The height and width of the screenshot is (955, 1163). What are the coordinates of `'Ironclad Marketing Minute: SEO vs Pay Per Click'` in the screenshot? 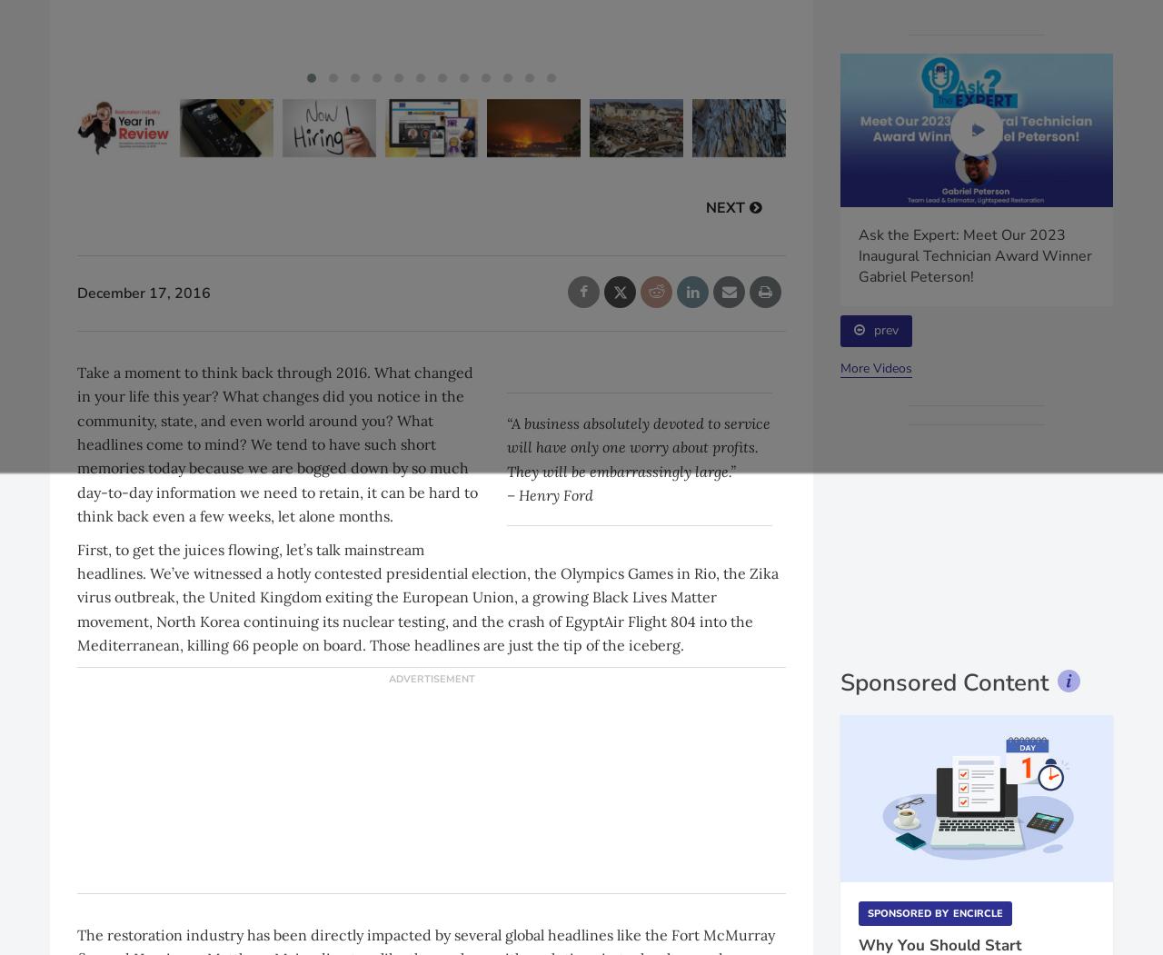 It's located at (698, 245).